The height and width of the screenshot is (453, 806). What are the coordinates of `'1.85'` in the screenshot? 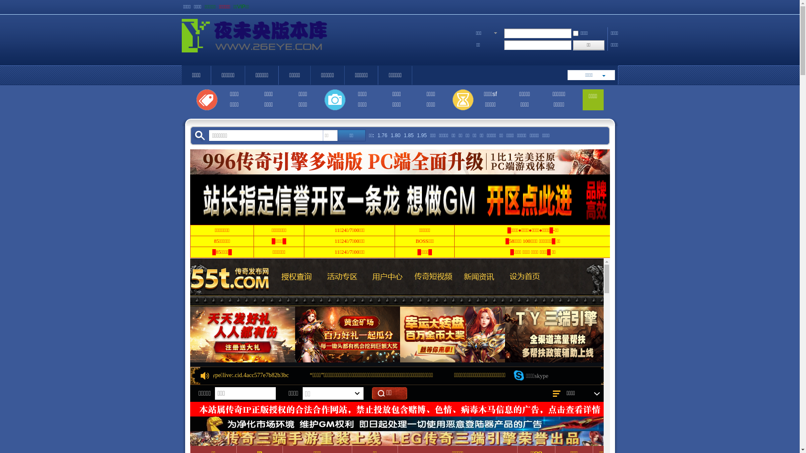 It's located at (408, 135).